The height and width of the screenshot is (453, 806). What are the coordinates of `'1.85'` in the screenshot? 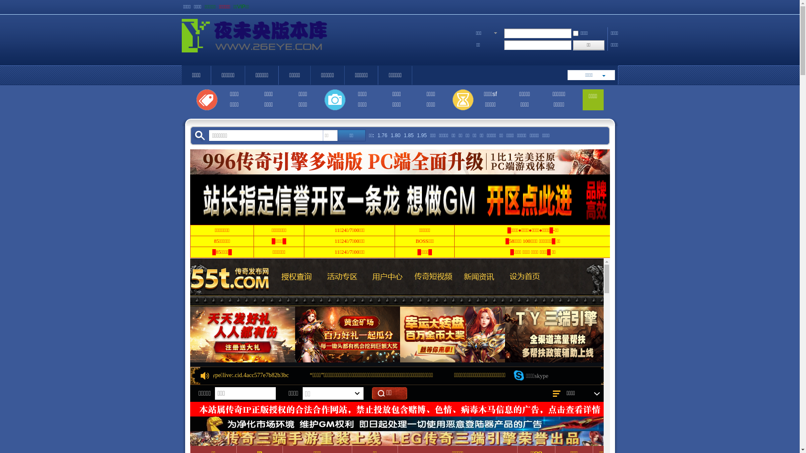 It's located at (408, 135).